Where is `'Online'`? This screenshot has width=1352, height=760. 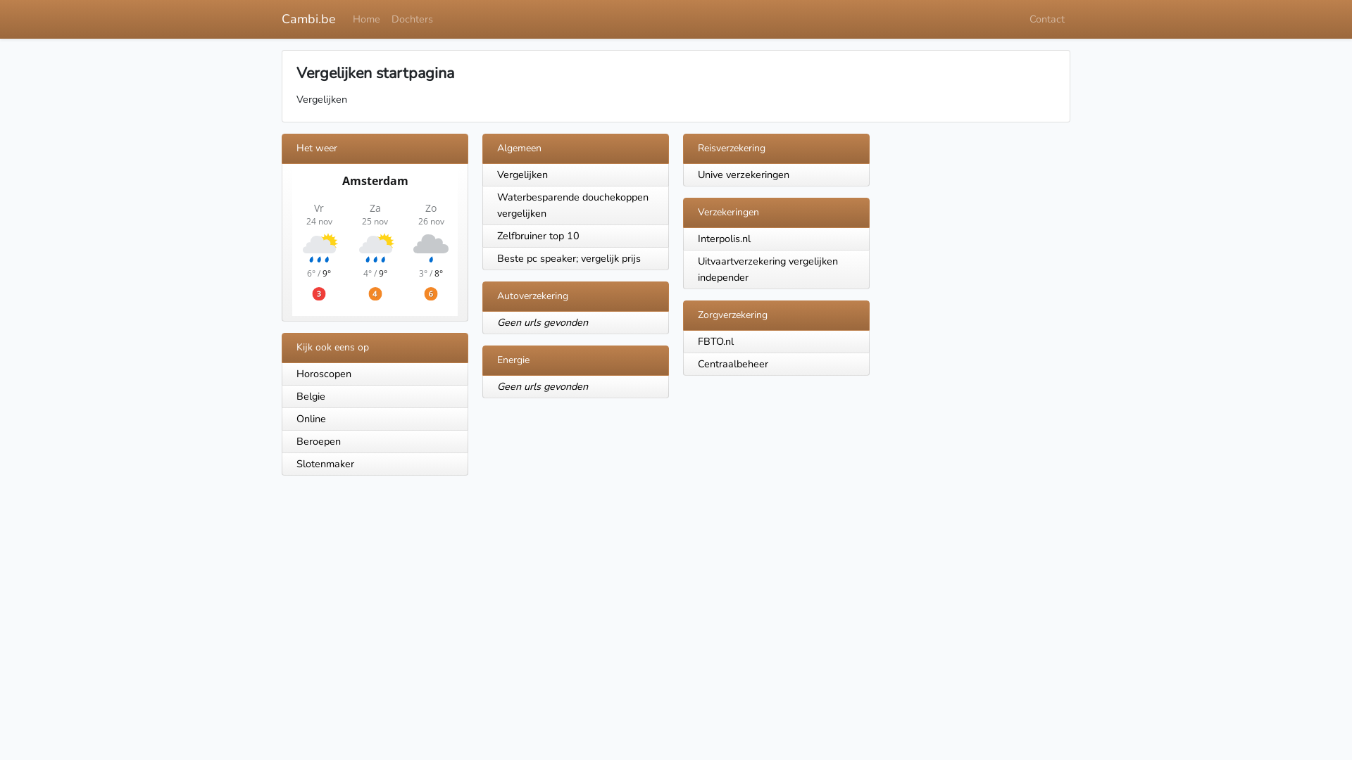
'Online' is located at coordinates (281, 419).